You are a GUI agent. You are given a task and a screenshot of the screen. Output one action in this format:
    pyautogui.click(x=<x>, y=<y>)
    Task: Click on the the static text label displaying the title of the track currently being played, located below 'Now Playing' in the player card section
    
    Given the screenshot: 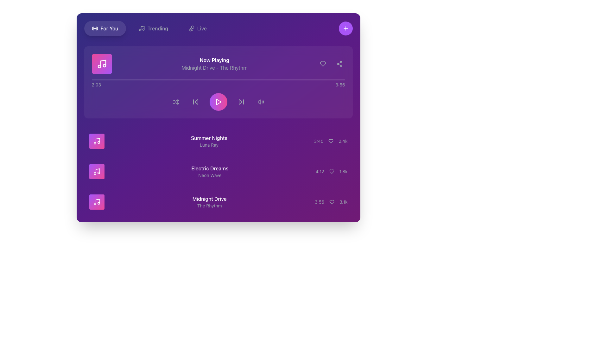 What is the action you would take?
    pyautogui.click(x=214, y=67)
    